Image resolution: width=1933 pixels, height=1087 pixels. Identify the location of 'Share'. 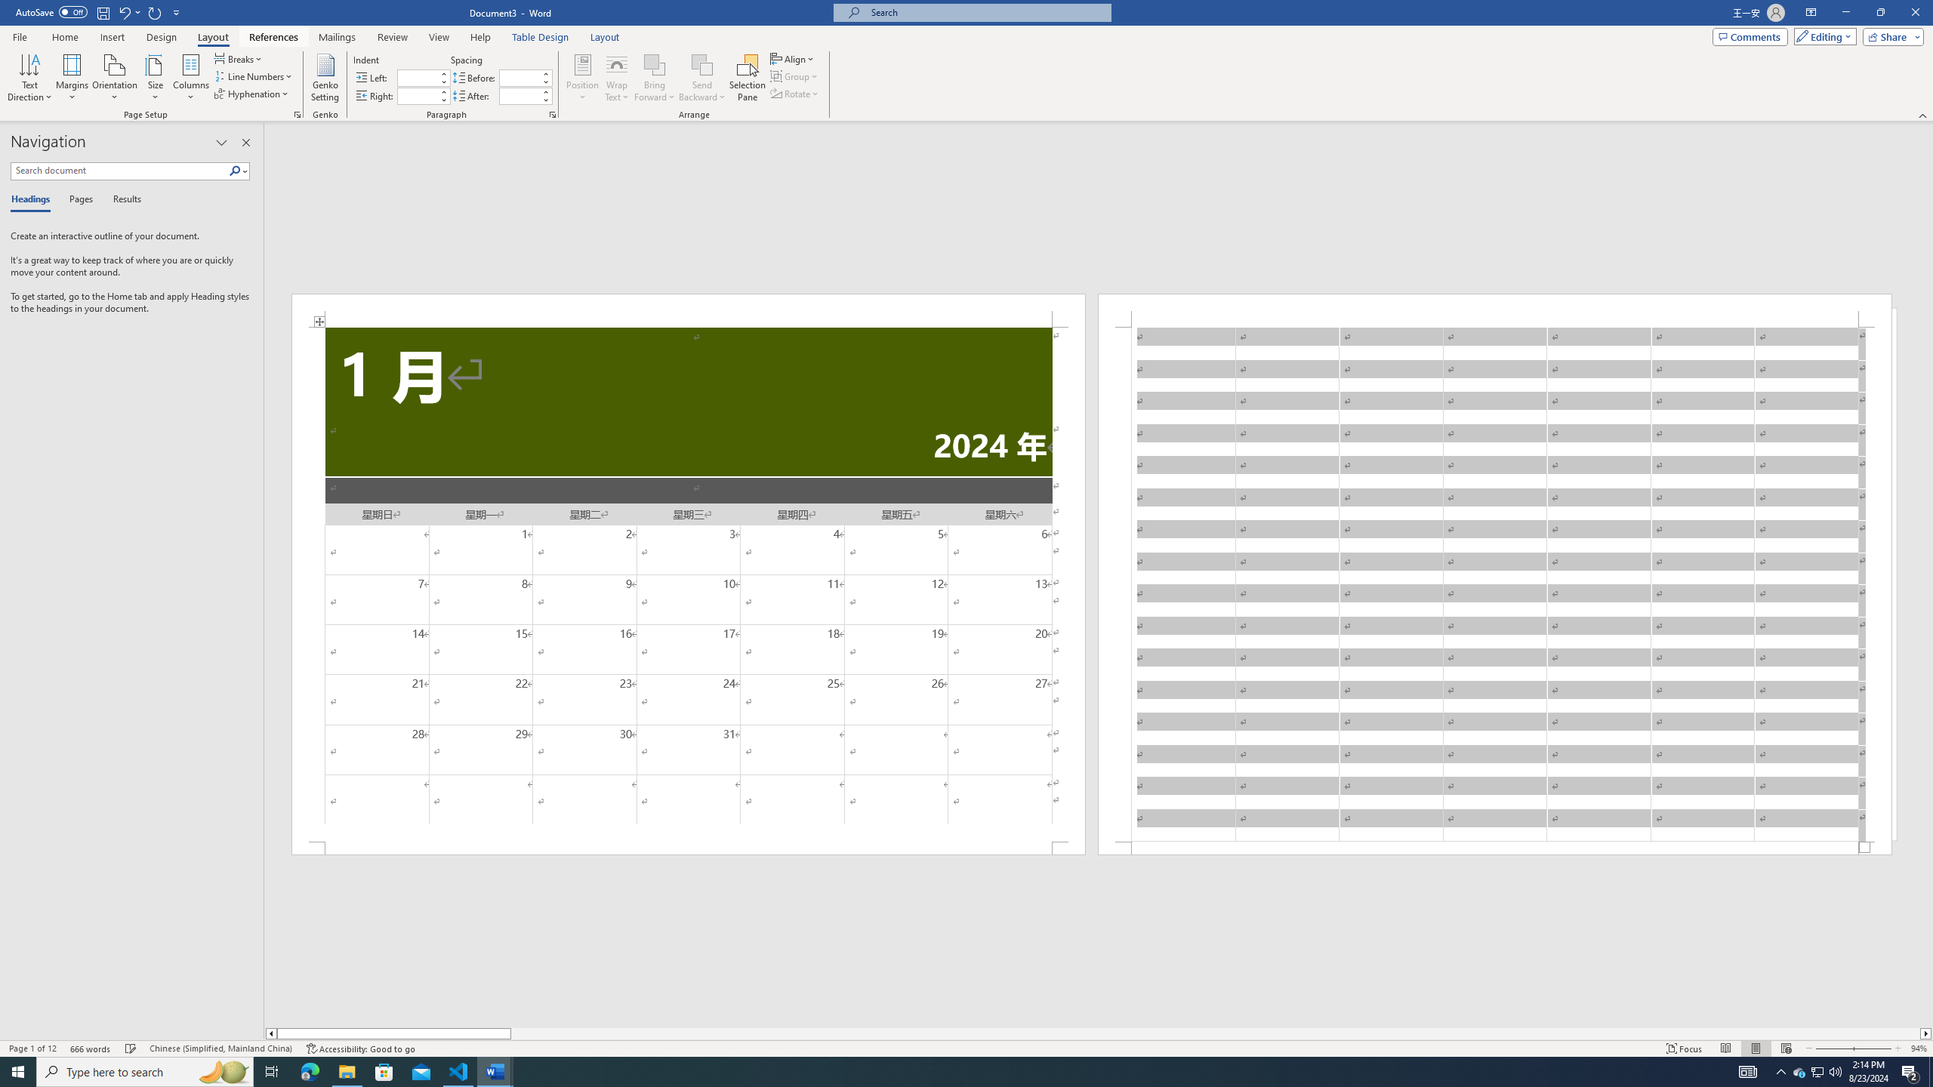
(1889, 35).